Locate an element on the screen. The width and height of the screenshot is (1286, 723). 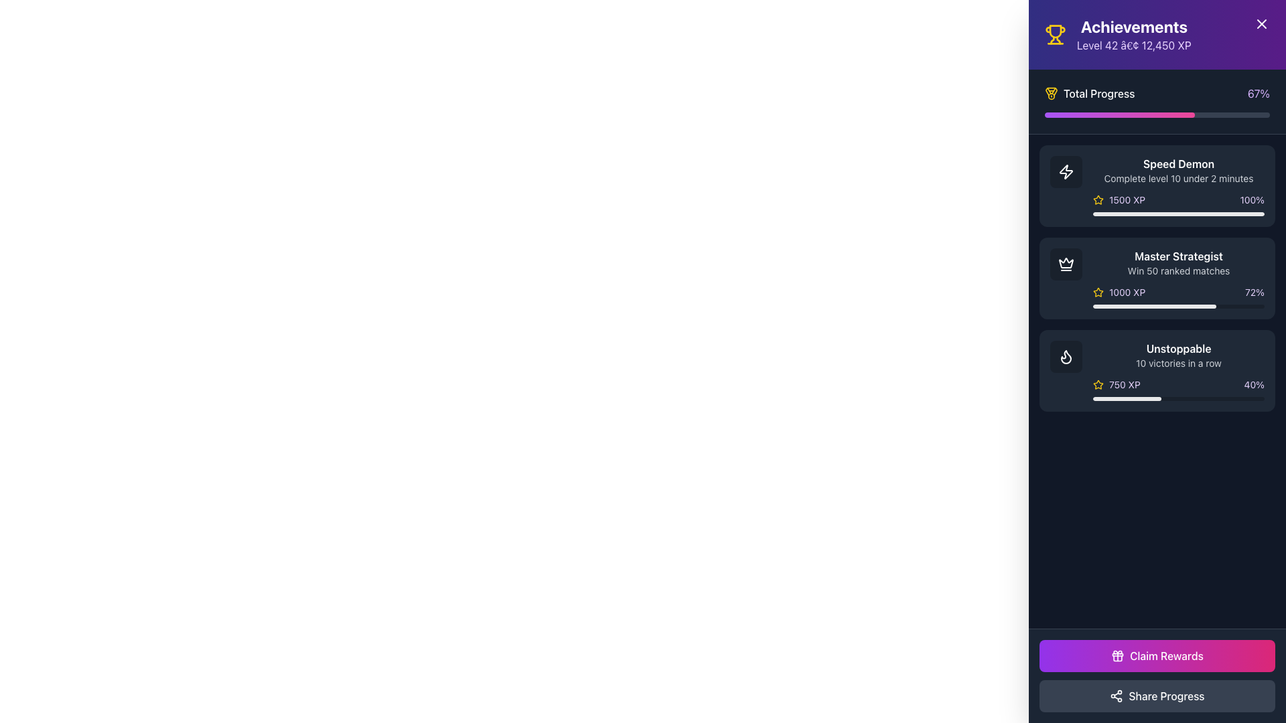
properties of the Text Label indicating the progress of the 'Unstoppable' achievement, which shows that 40% of the target has been completed is located at coordinates (1253, 384).